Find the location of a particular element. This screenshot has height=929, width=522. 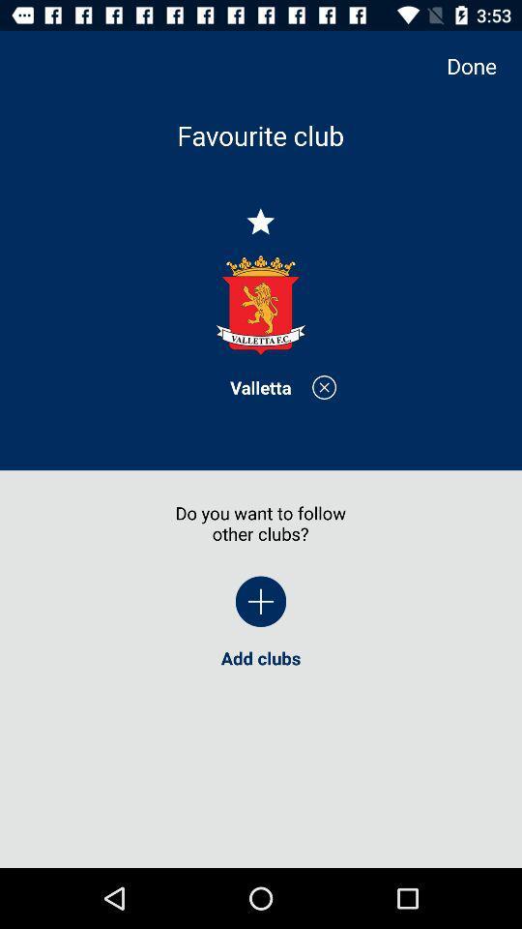

done item is located at coordinates (479, 66).